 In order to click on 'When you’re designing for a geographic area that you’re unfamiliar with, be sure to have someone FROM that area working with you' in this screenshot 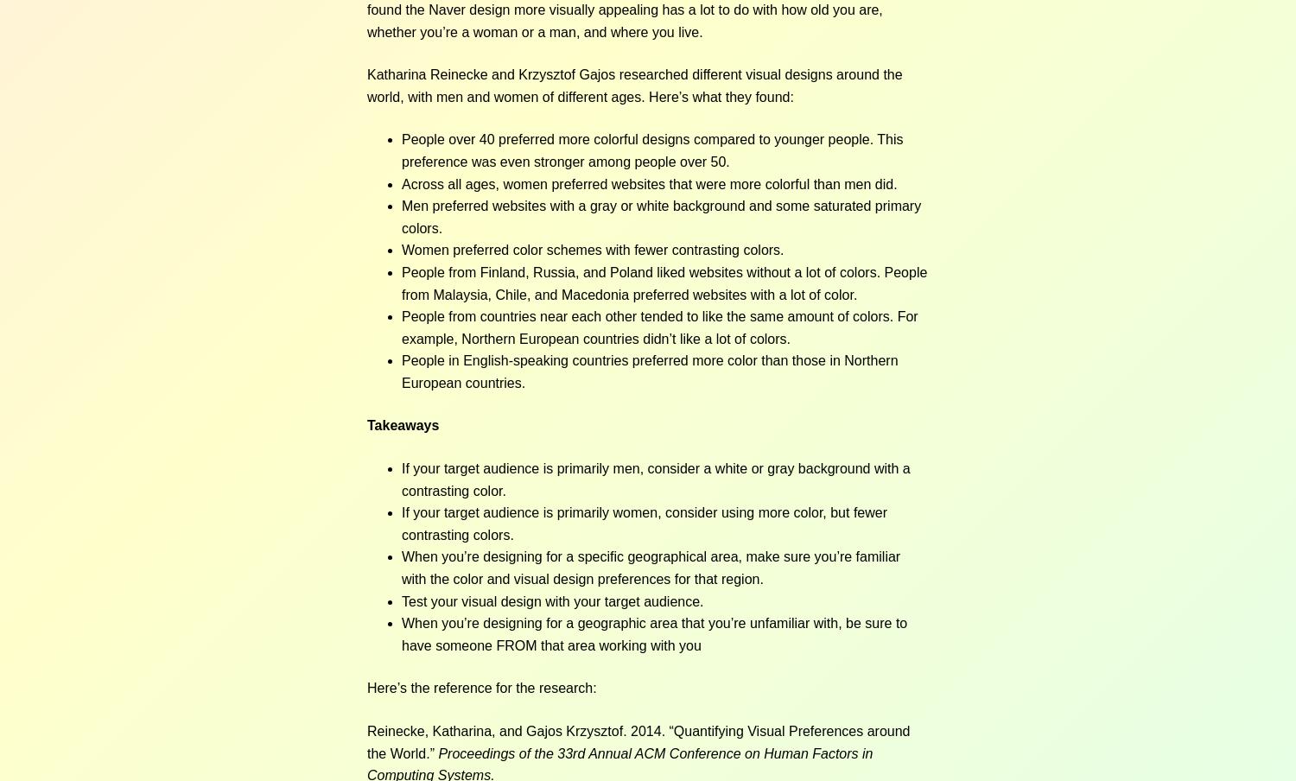, I will do `click(654, 632)`.